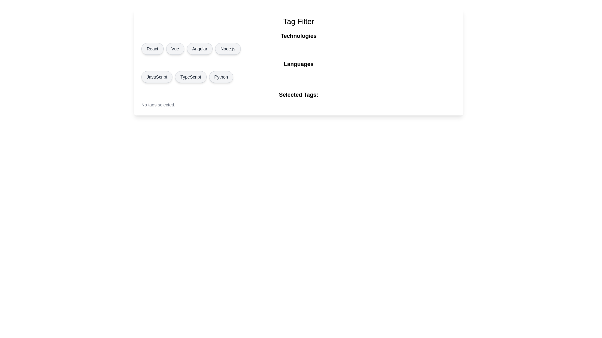 The height and width of the screenshot is (338, 602). What do you see at coordinates (298, 64) in the screenshot?
I see `the 'Languages' text header, which is a bold and large font section title located directly below the 'Technologies' title` at bounding box center [298, 64].